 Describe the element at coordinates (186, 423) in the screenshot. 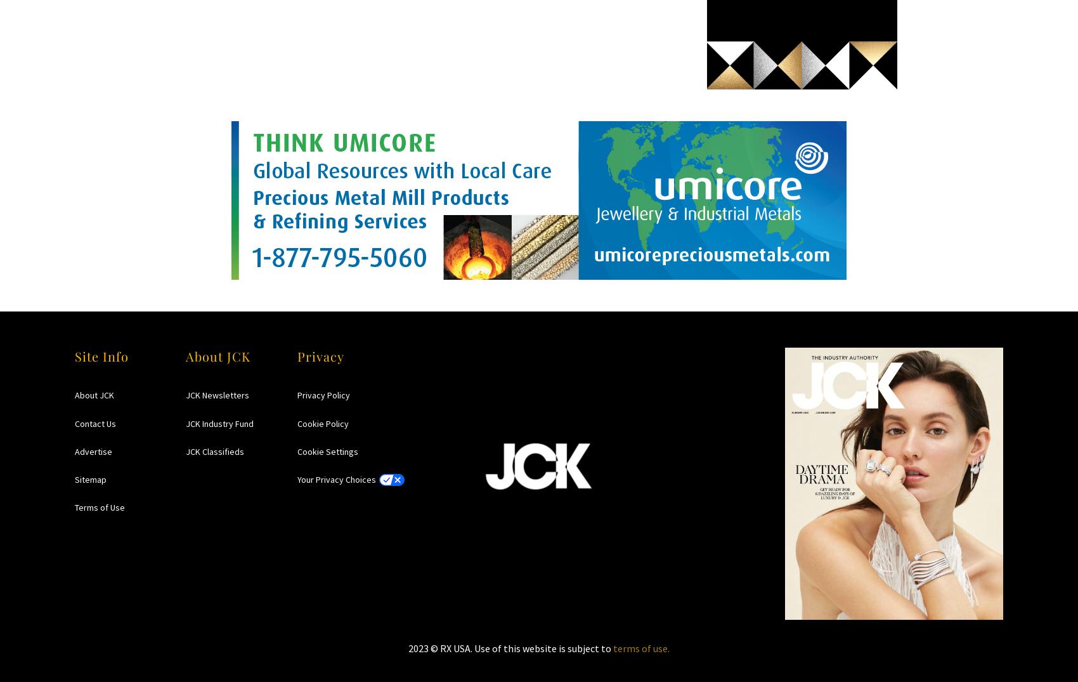

I see `'JCK Industry Fund'` at that location.